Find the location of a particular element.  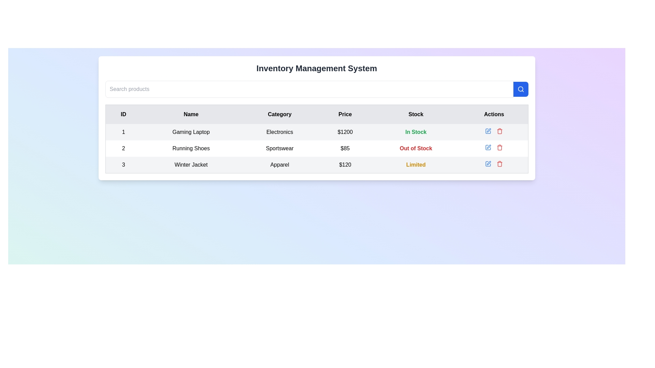

the text label displaying 'Stock' in bold, located in the fifth column of the tabular header row, between 'Price' and 'Actions' is located at coordinates (416, 114).